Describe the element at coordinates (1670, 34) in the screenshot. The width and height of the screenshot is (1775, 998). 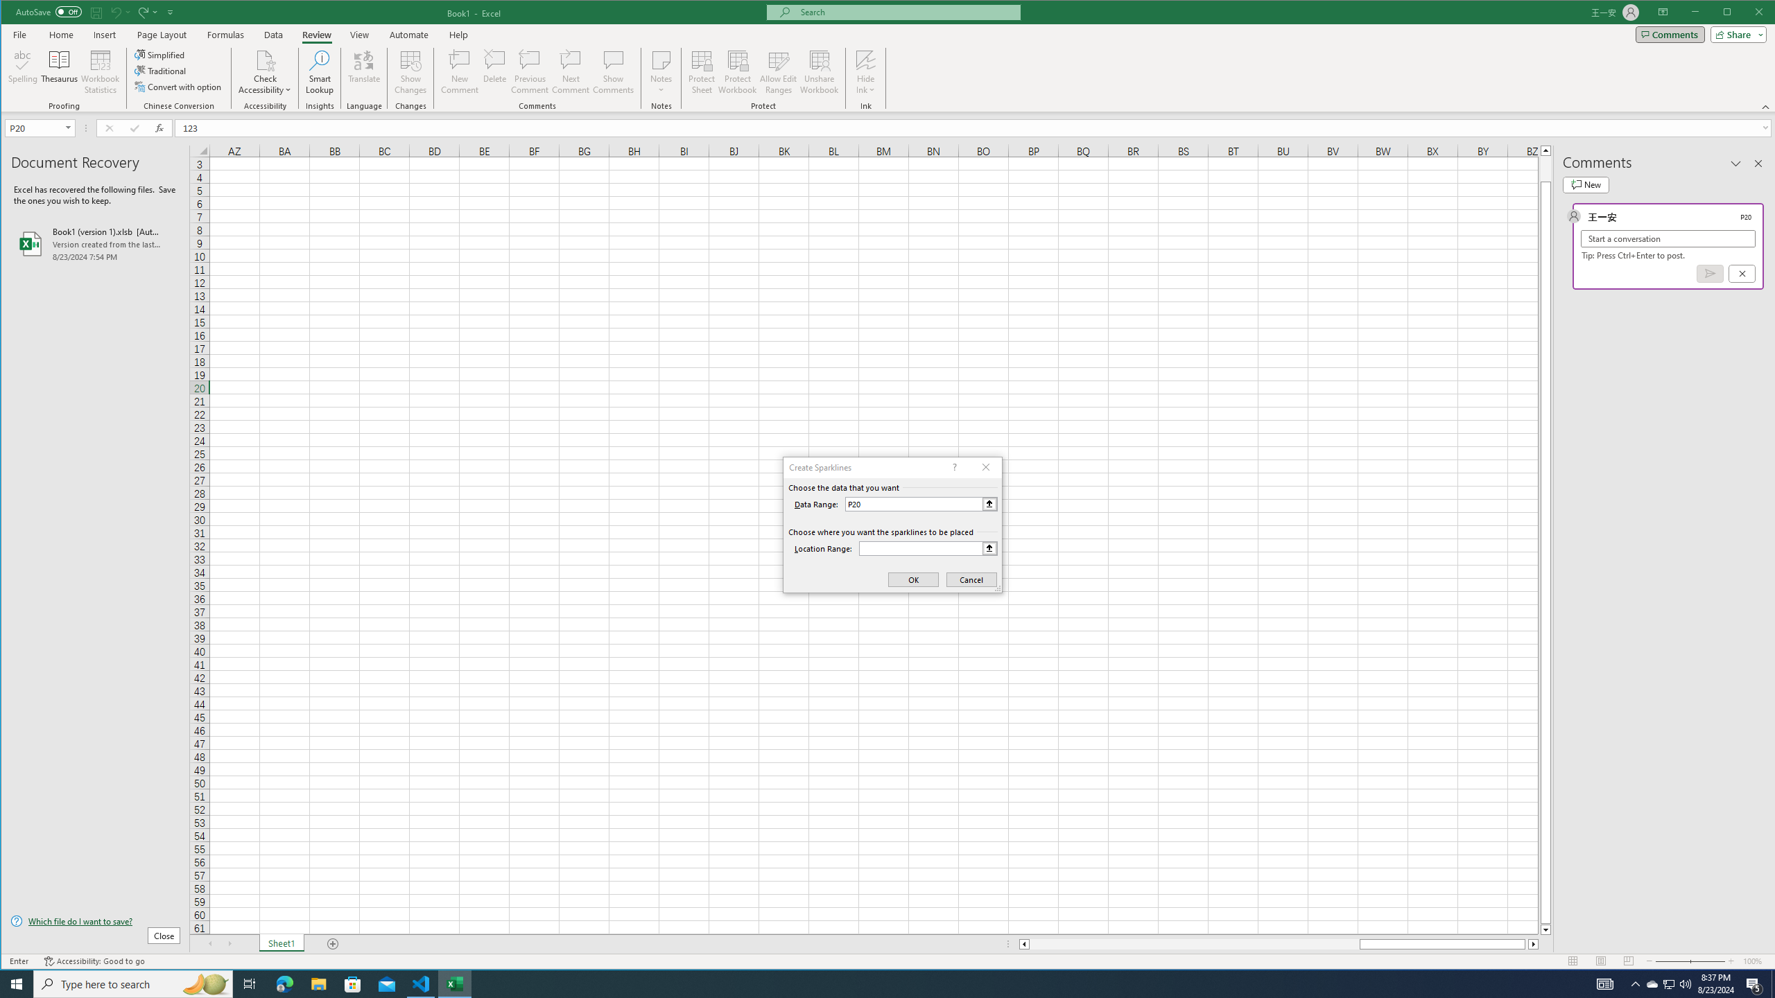
I see `'Comments'` at that location.